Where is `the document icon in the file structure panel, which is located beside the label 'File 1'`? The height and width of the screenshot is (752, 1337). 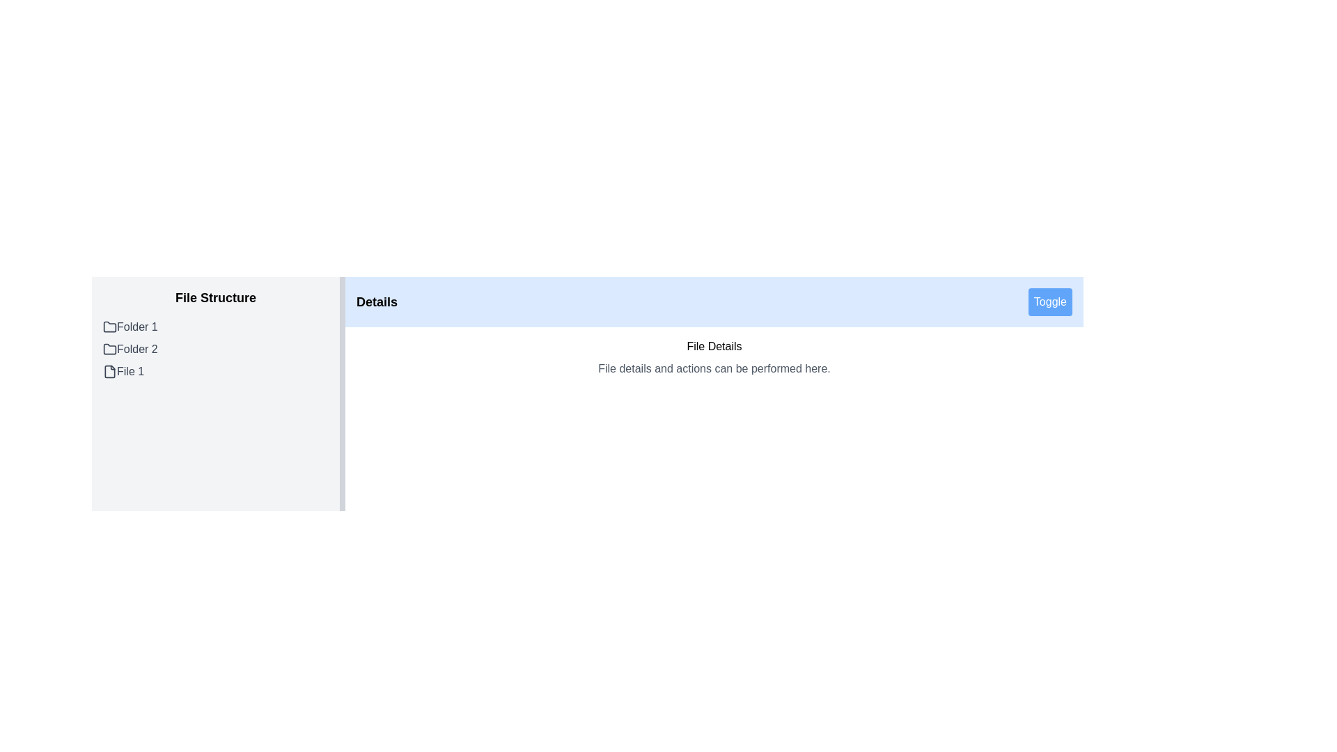
the document icon in the file structure panel, which is located beside the label 'File 1' is located at coordinates (109, 370).